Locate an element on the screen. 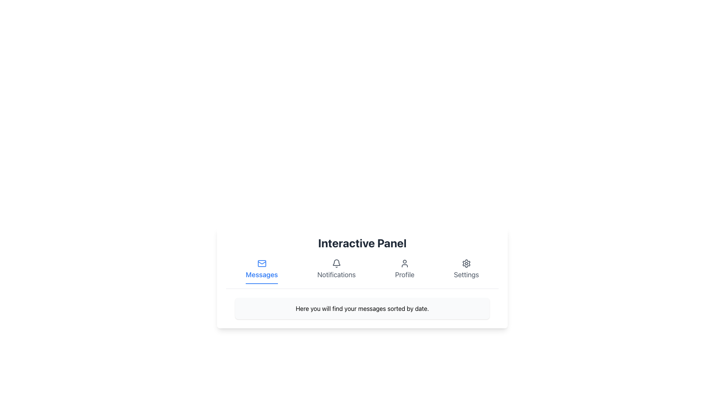  the 'Profile' icon located in the navigation bar, positioned between the 'Notifications' section and 'Settings' is located at coordinates (404, 263).